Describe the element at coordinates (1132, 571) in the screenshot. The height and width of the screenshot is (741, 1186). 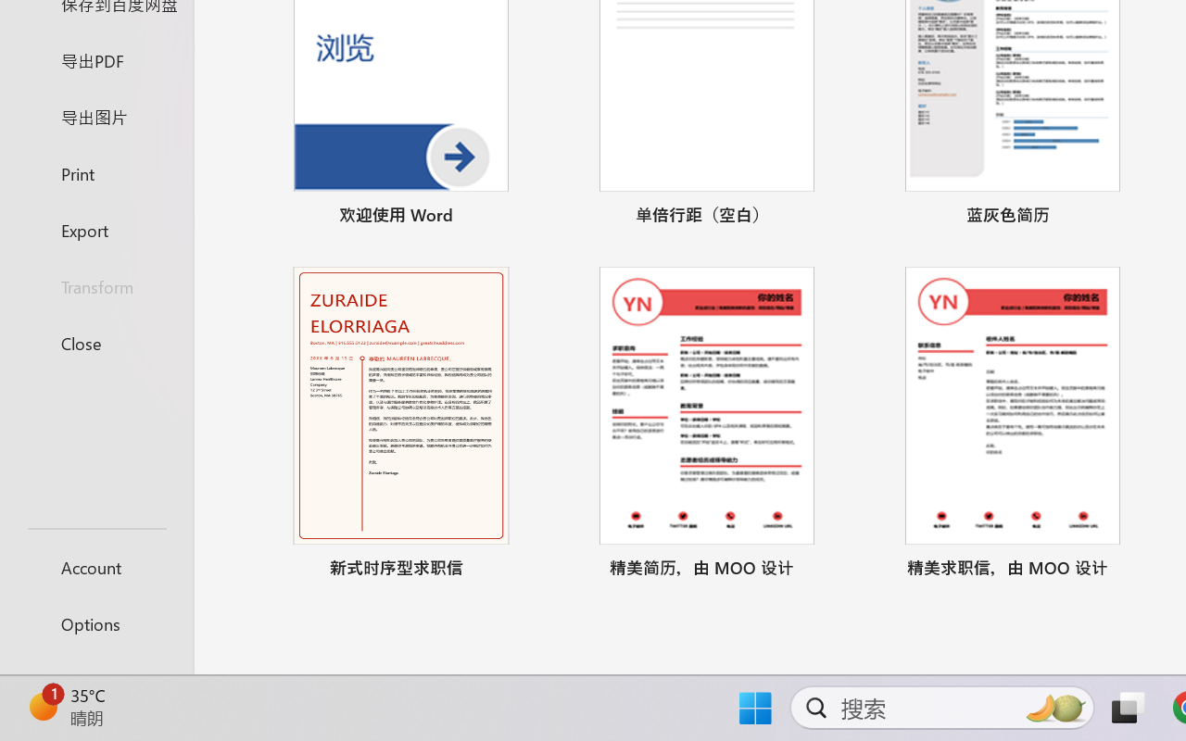
I see `'Pin to list'` at that location.